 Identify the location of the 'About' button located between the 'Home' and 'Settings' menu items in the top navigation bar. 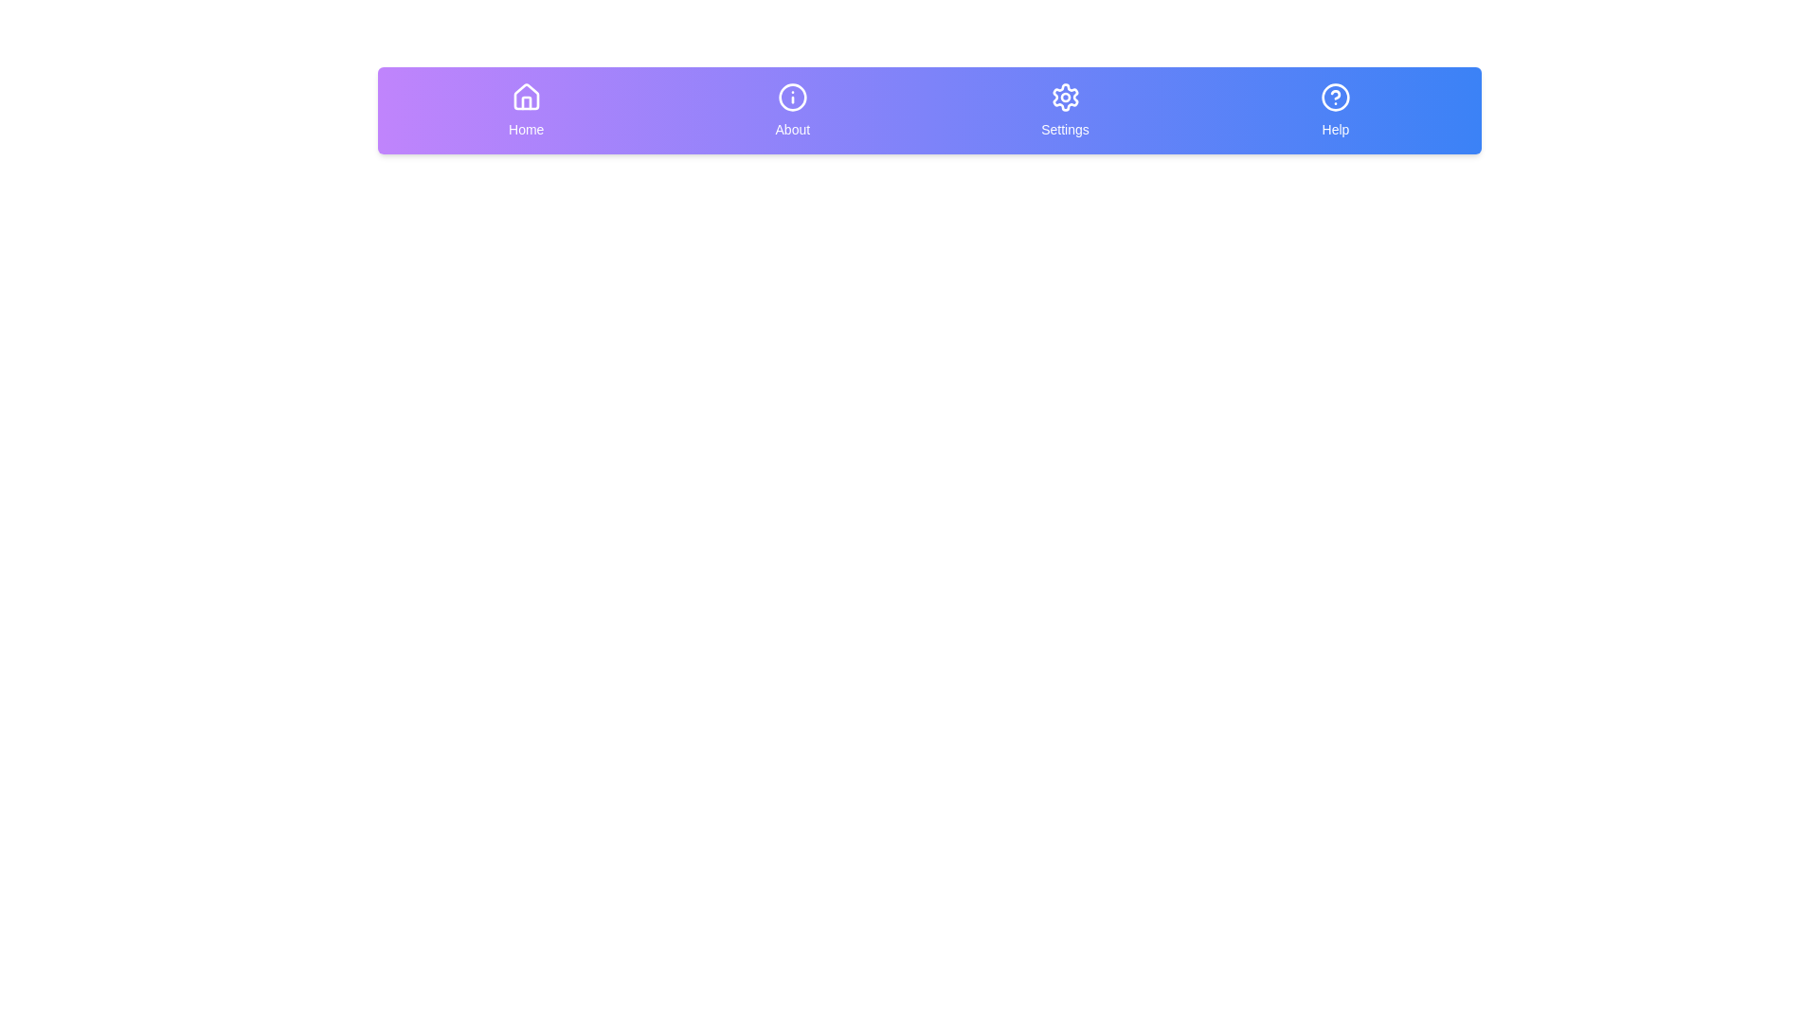
(792, 110).